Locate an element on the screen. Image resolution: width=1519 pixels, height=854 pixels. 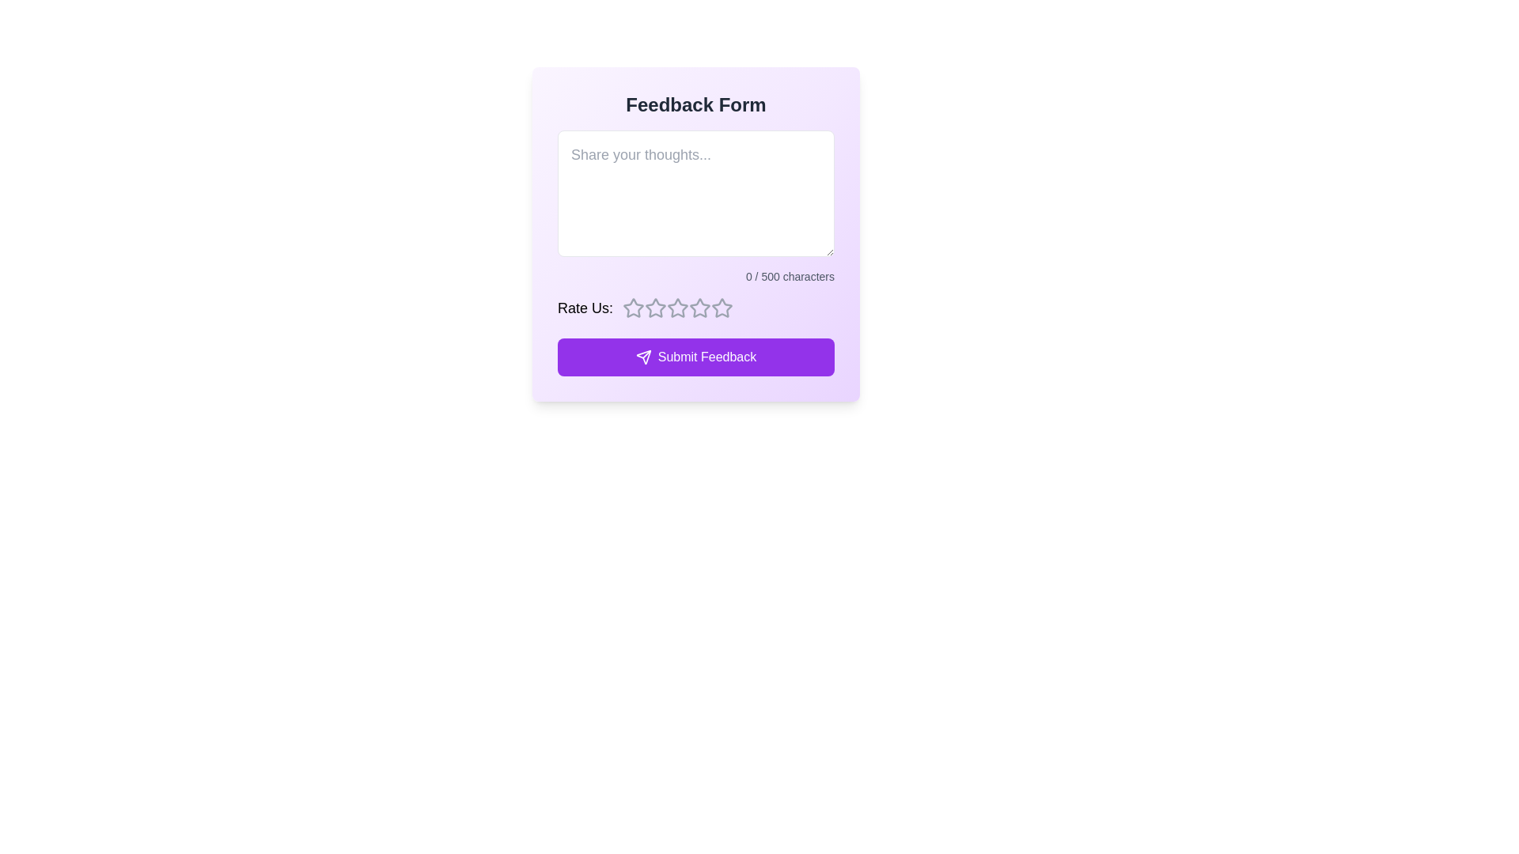
the first star-shaped rating icon with a gray outline is located at coordinates (634, 308).